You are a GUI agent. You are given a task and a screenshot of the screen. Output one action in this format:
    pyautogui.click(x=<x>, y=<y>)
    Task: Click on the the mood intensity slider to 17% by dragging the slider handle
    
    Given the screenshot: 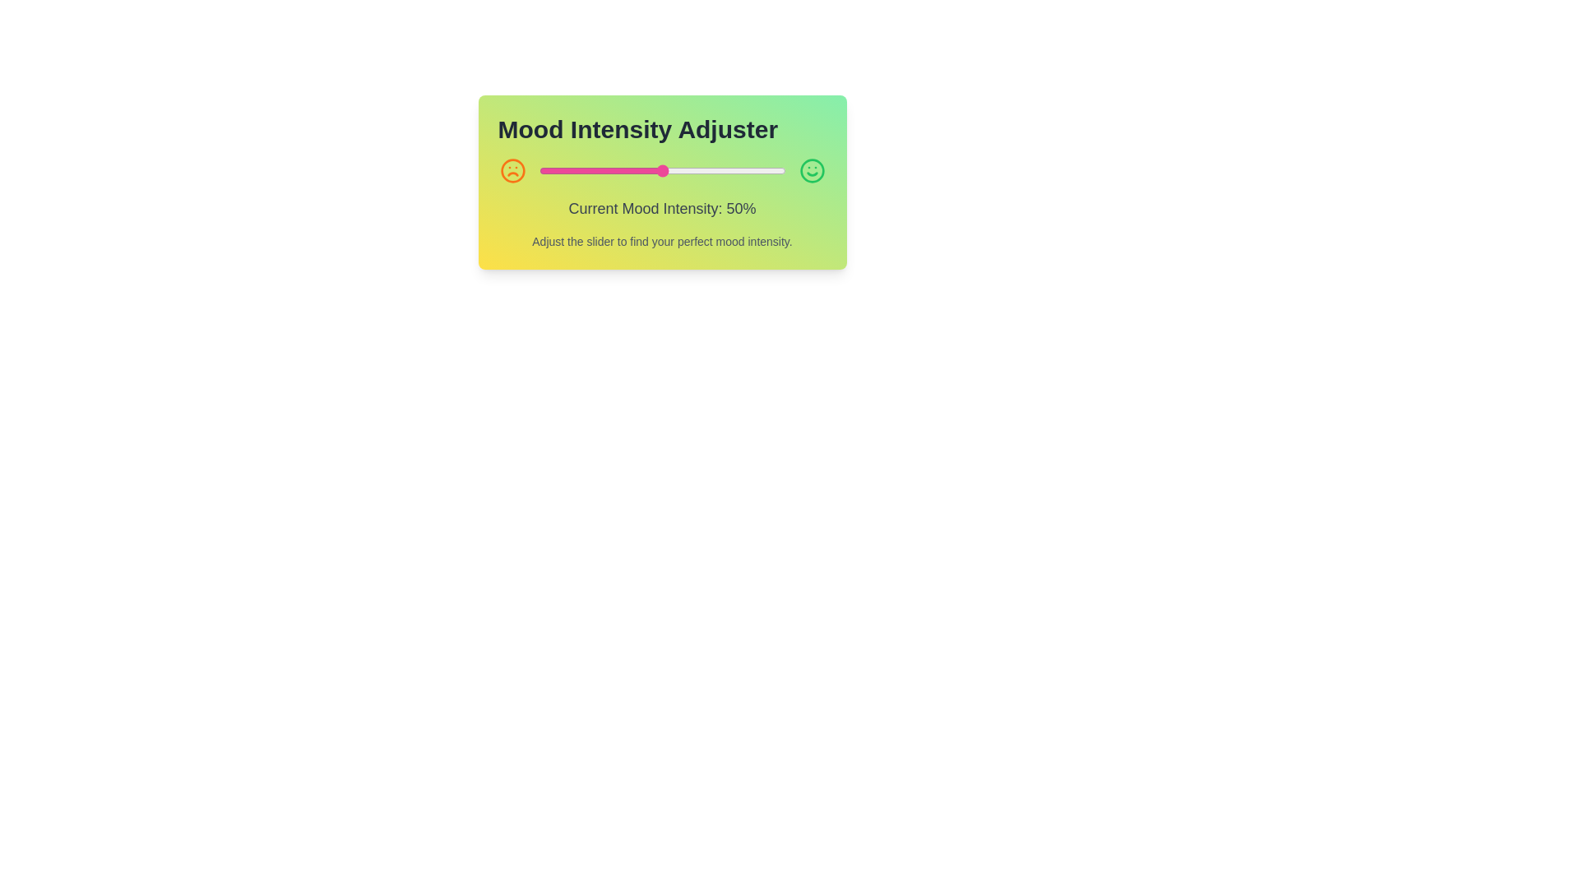 What is the action you would take?
    pyautogui.click(x=581, y=171)
    